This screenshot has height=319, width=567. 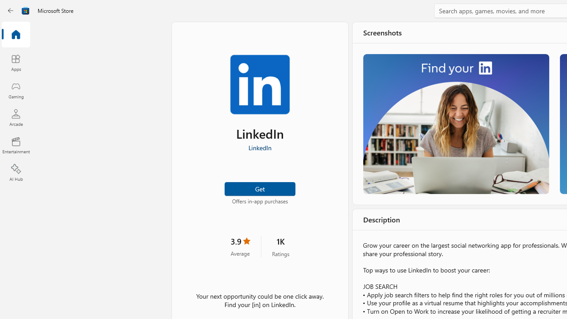 I want to click on 'Screenshot 1', so click(x=456, y=124).